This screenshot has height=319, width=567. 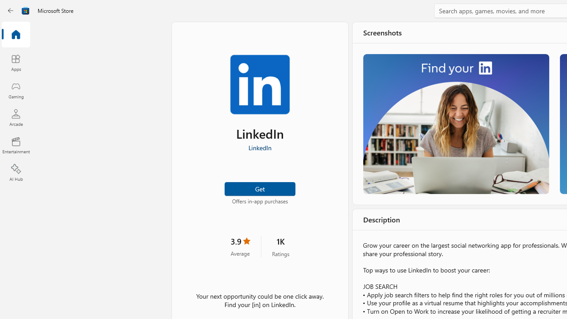 I want to click on 'Screenshot 1', so click(x=456, y=124).